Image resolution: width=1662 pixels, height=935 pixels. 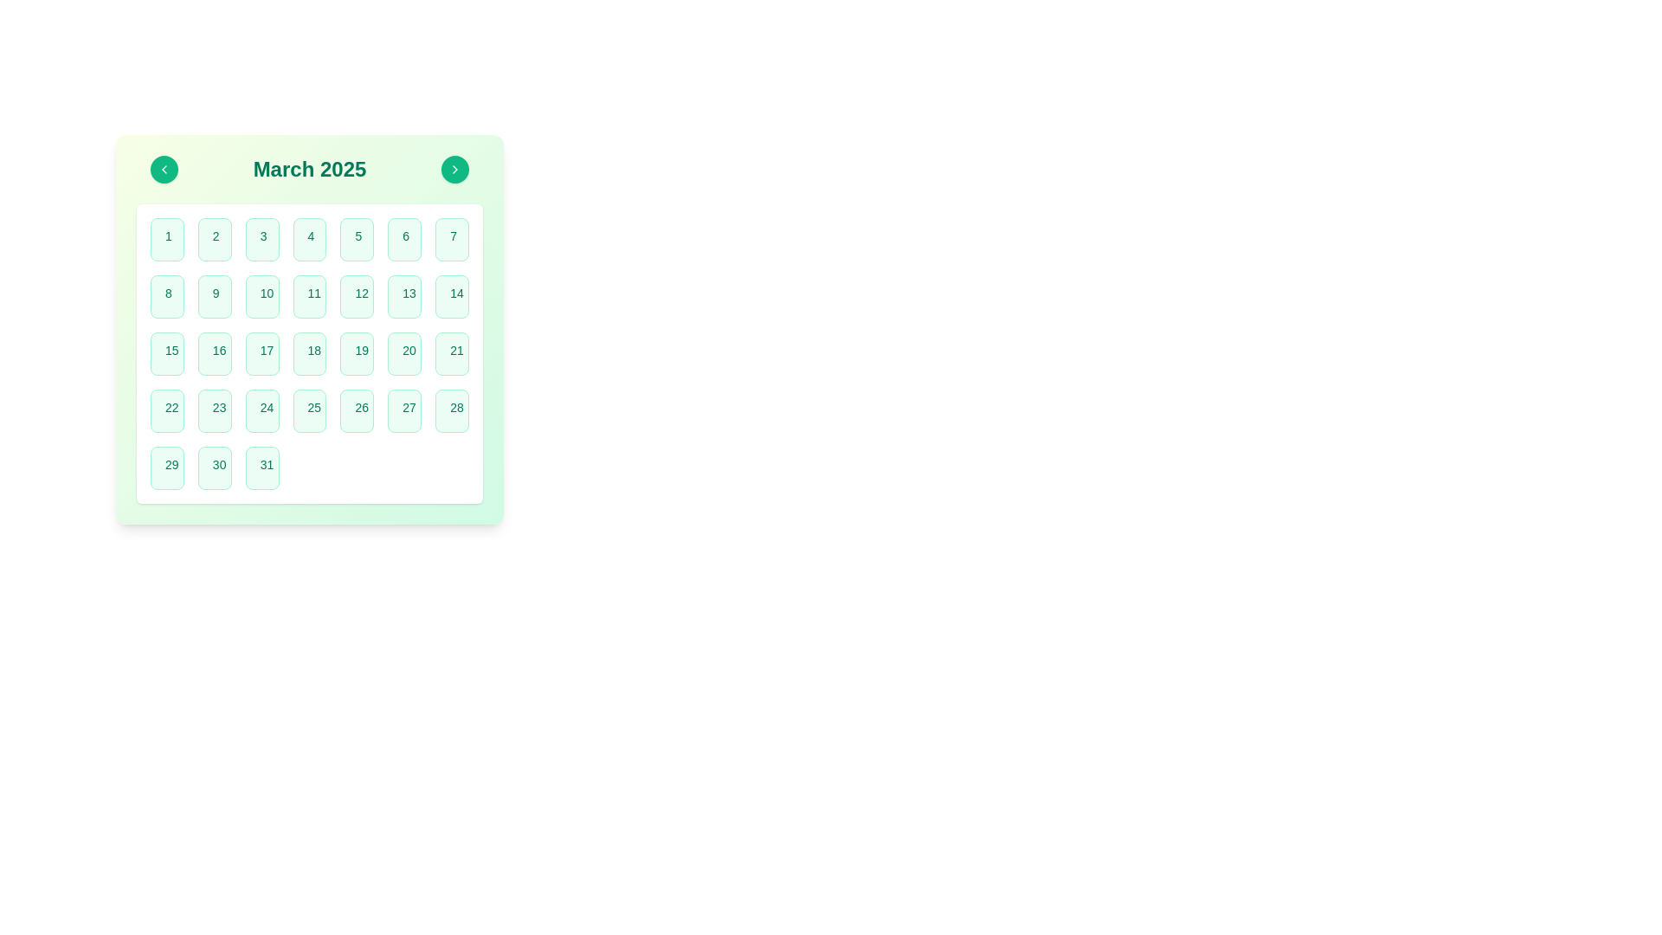 I want to click on text displayed in the text label showing the number '30', which is emerald green and located in the fifth row of the calendar interface, second-to-last in that row, so click(x=218, y=463).